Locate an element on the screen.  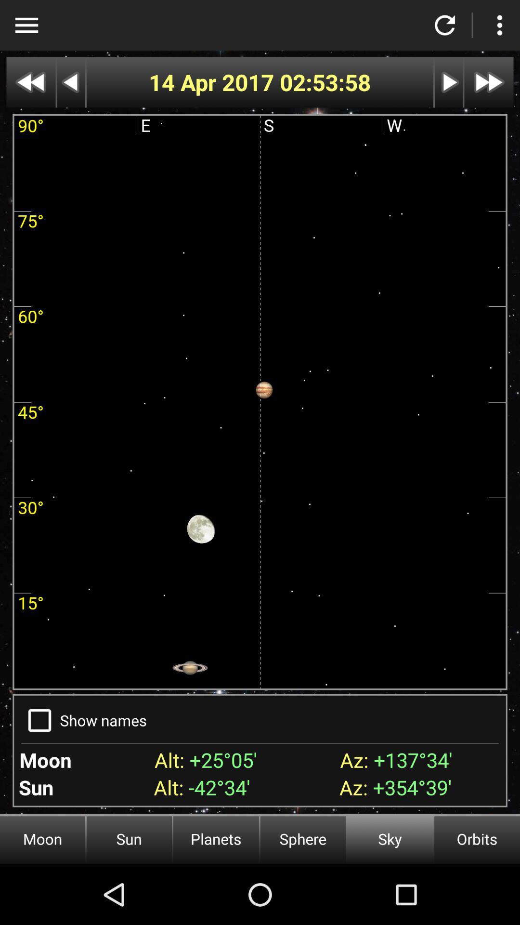
the play icon is located at coordinates (449, 82).